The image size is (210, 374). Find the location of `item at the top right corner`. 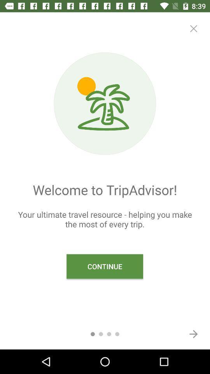

item at the top right corner is located at coordinates (193, 28).